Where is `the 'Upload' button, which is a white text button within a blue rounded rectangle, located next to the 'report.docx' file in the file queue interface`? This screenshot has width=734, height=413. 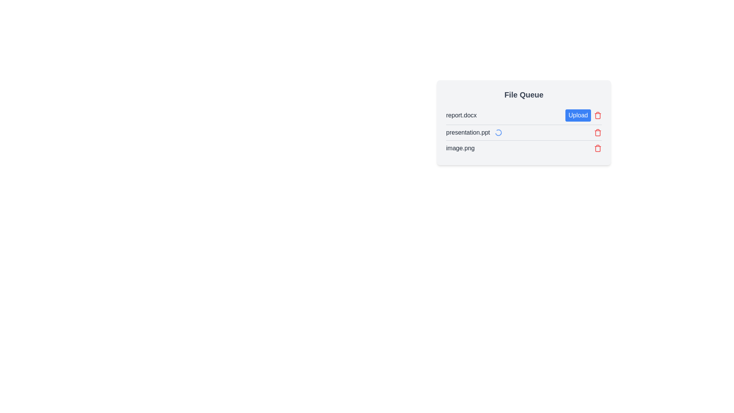 the 'Upload' button, which is a white text button within a blue rounded rectangle, located next to the 'report.docx' file in the file queue interface is located at coordinates (583, 115).